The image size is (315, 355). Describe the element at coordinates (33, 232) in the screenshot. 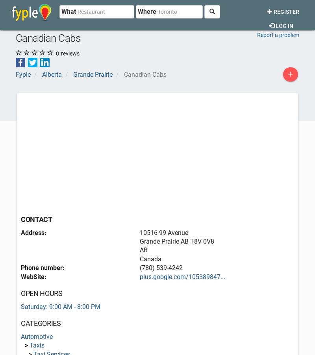

I see `'Address:'` at that location.